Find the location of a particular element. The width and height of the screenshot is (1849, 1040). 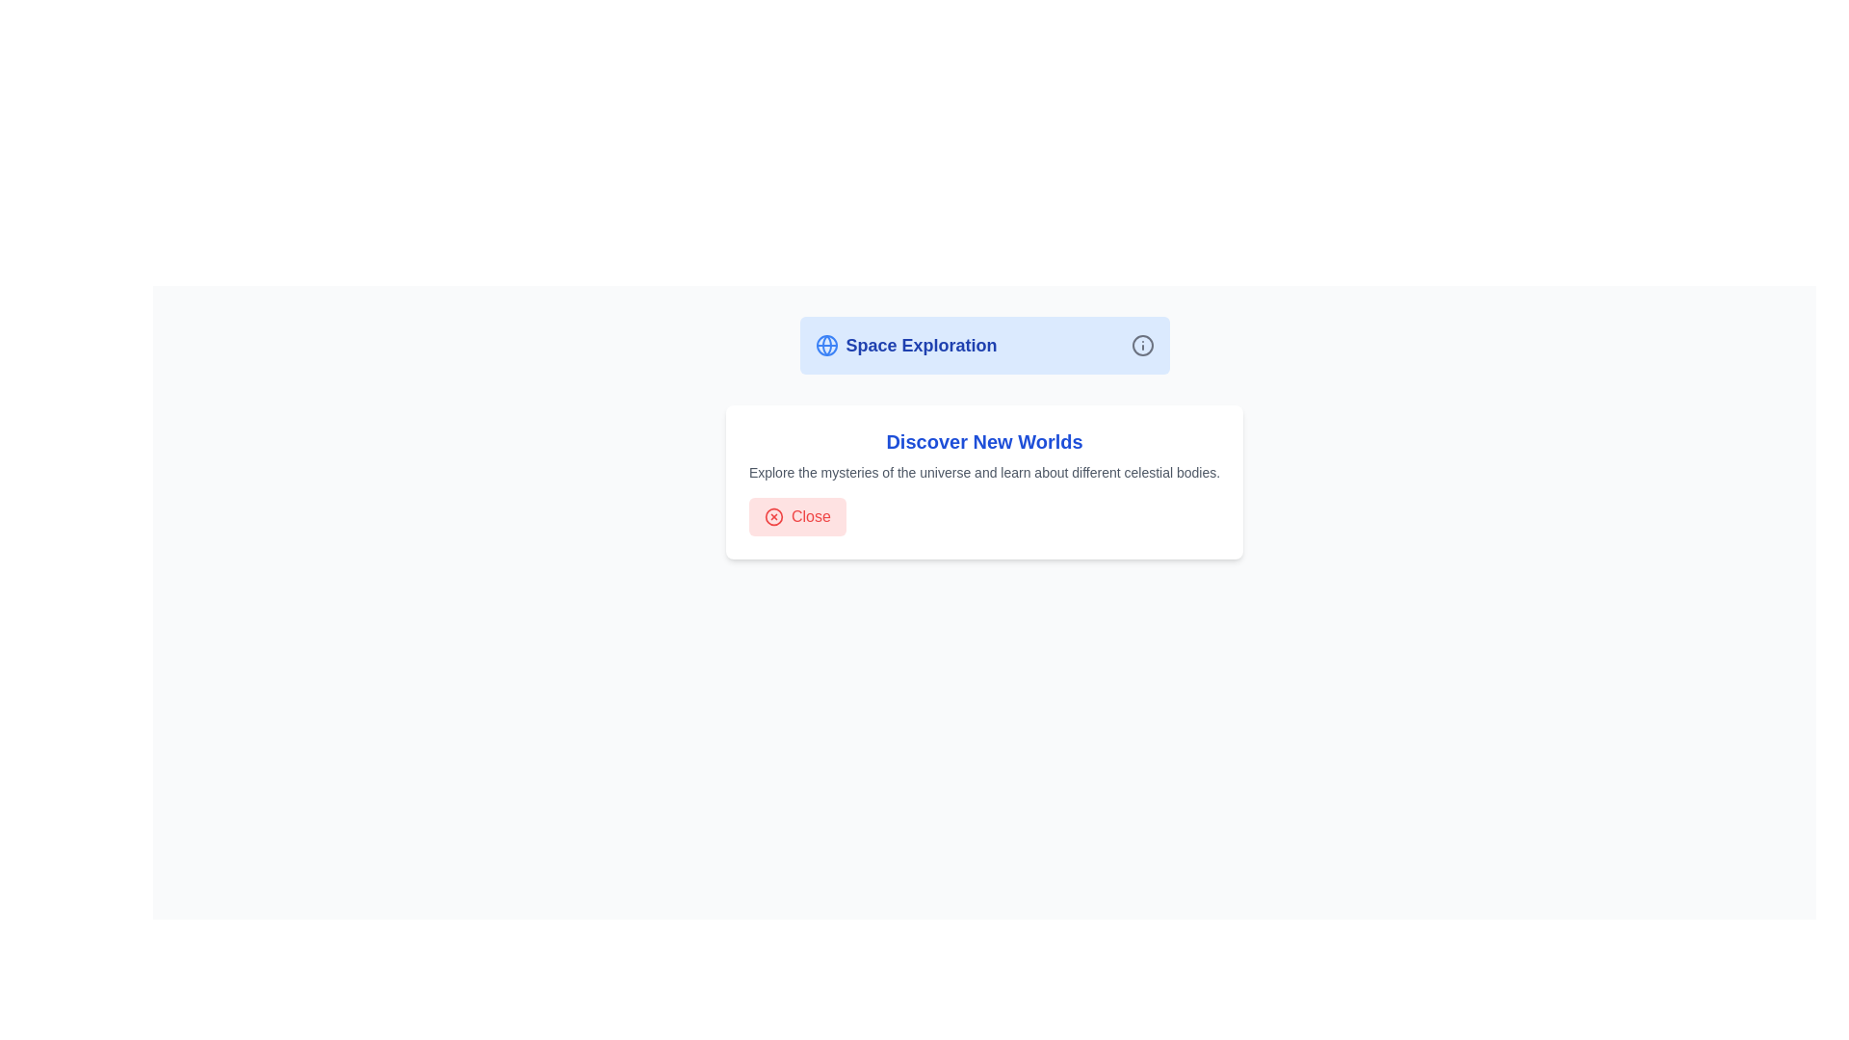

the 'Space Exploration' icon located at the top section of the interface, positioned to the left of the text 'Space Exploration' is located at coordinates (826, 344).